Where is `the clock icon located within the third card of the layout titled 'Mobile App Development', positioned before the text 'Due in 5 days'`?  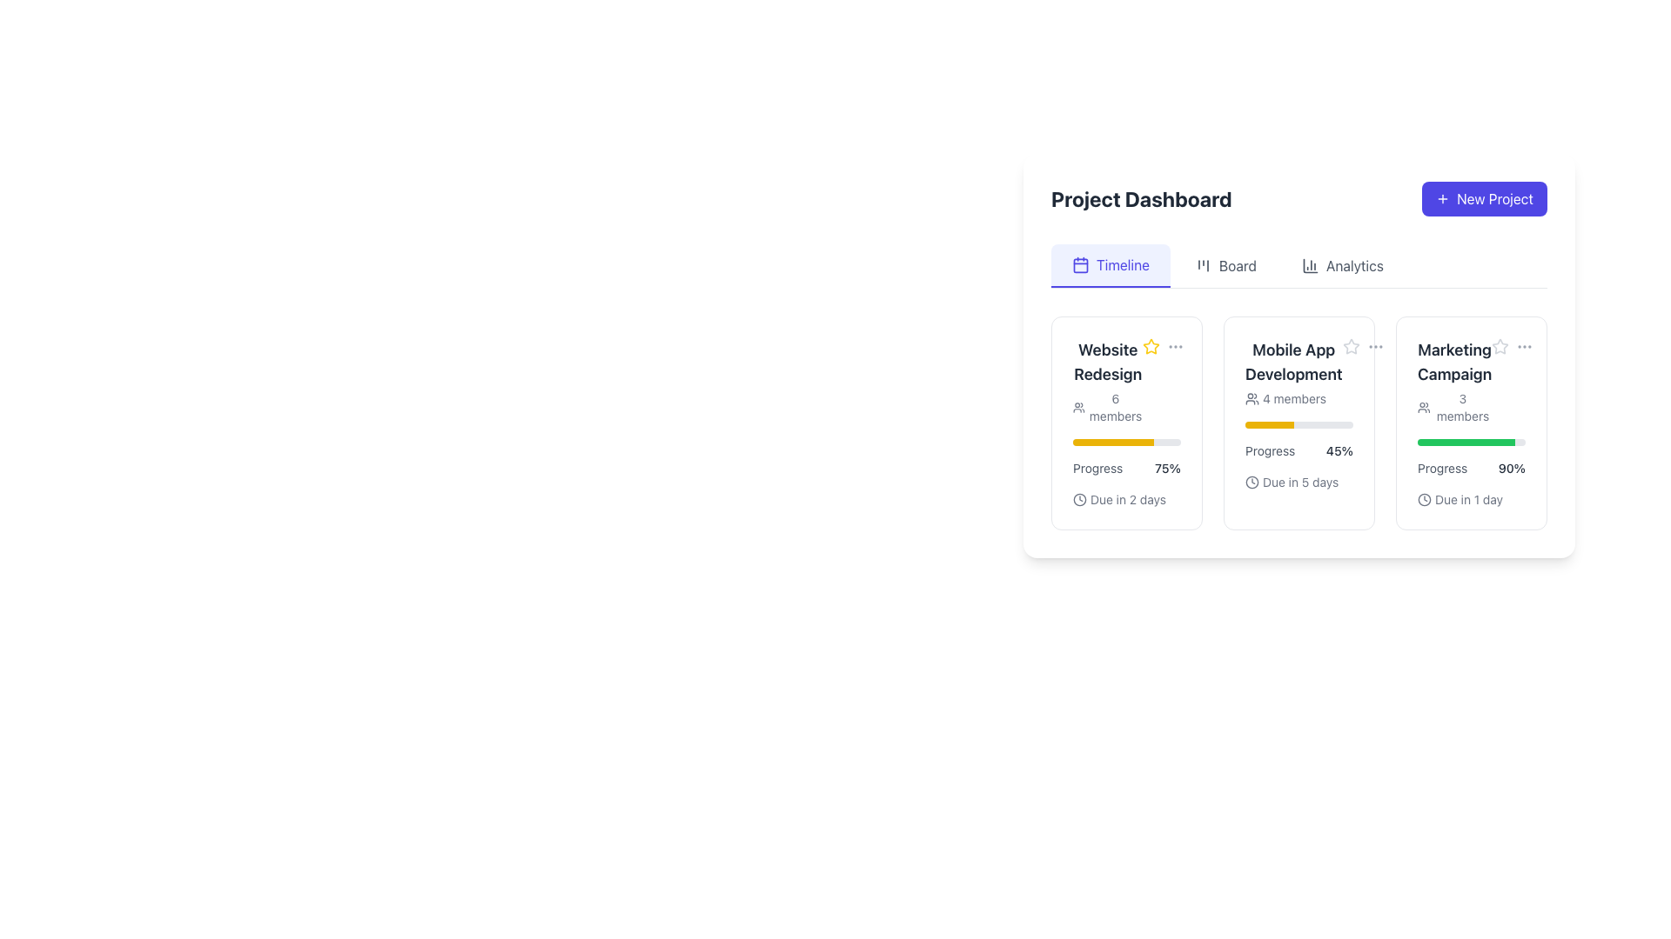
the clock icon located within the third card of the layout titled 'Mobile App Development', positioned before the text 'Due in 5 days' is located at coordinates (1252, 483).